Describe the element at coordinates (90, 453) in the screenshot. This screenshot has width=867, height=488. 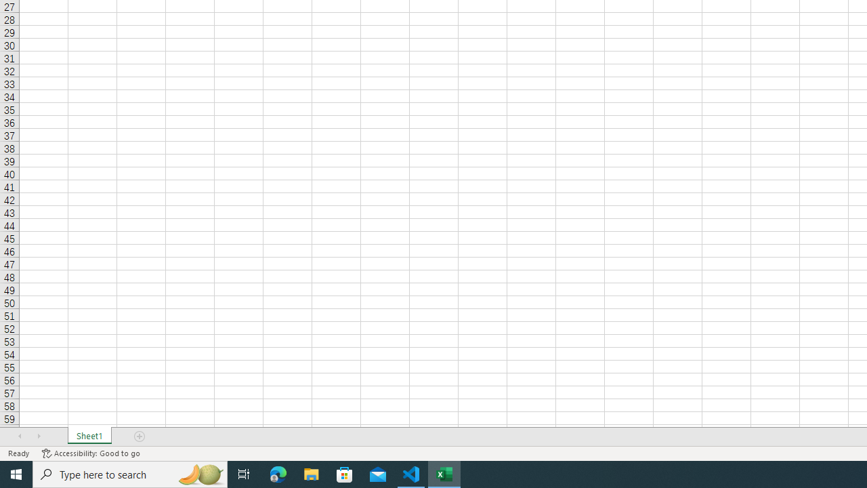
I see `'Accessibility Checker Accessibility: Good to go'` at that location.